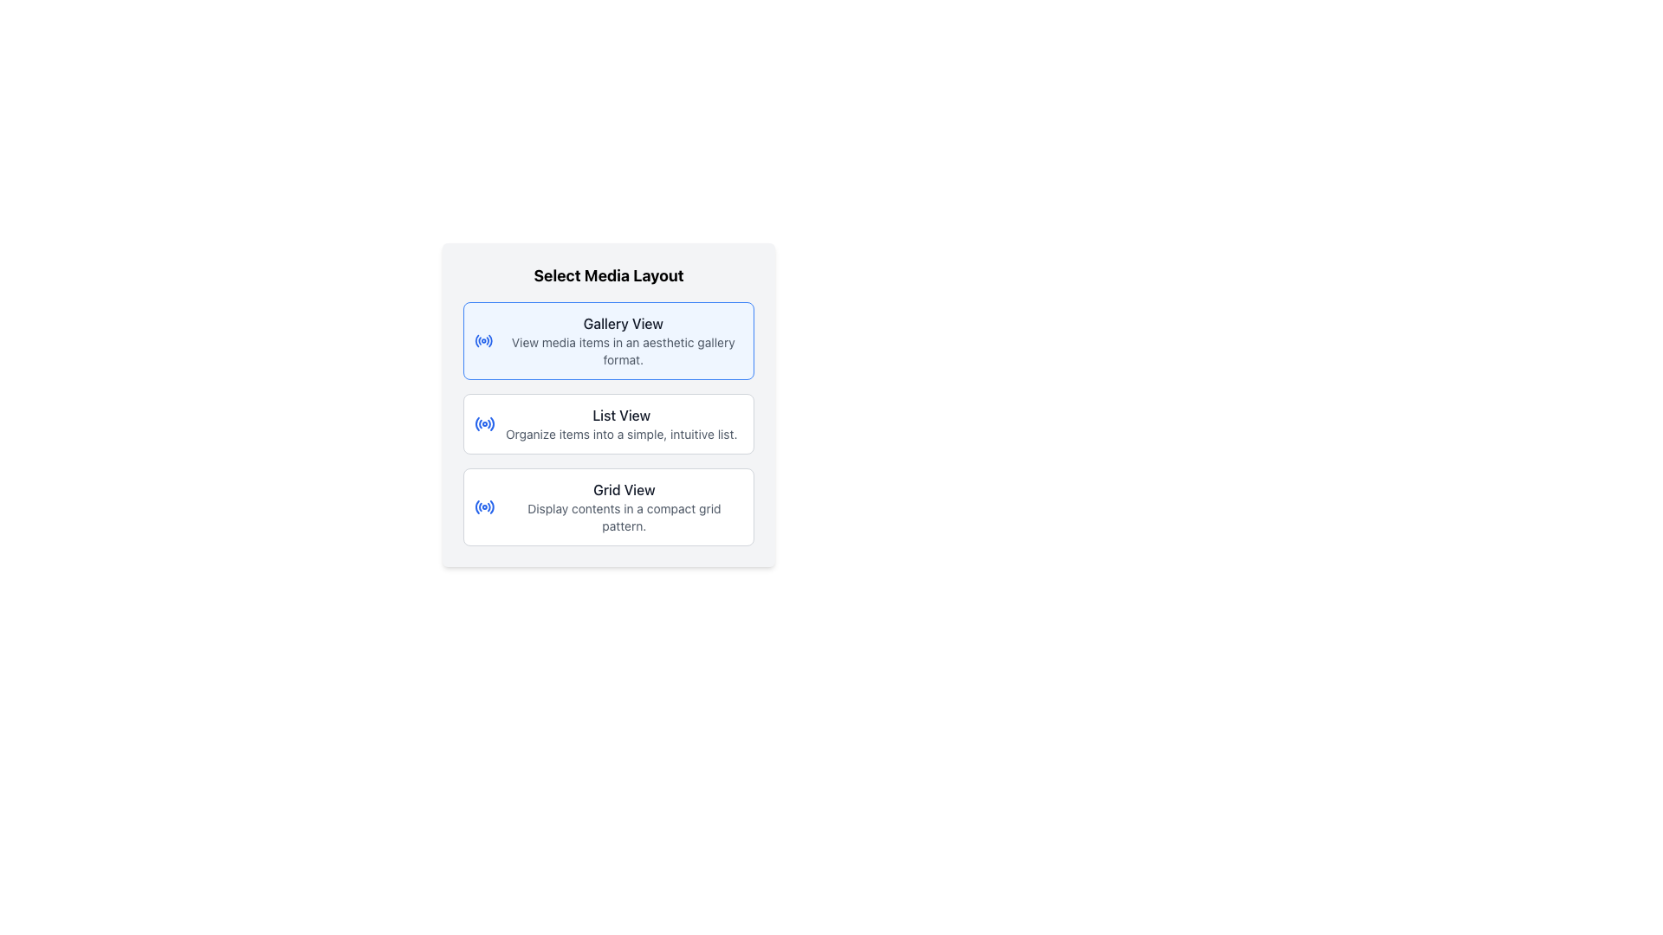 This screenshot has width=1663, height=935. I want to click on description text of the Text Label for selecting a gallery-style layout, which is the first item in the 'Select Media Layout' card, so click(623, 340).